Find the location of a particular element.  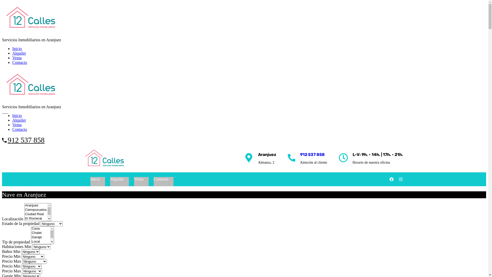

'Venta' is located at coordinates (17, 58).